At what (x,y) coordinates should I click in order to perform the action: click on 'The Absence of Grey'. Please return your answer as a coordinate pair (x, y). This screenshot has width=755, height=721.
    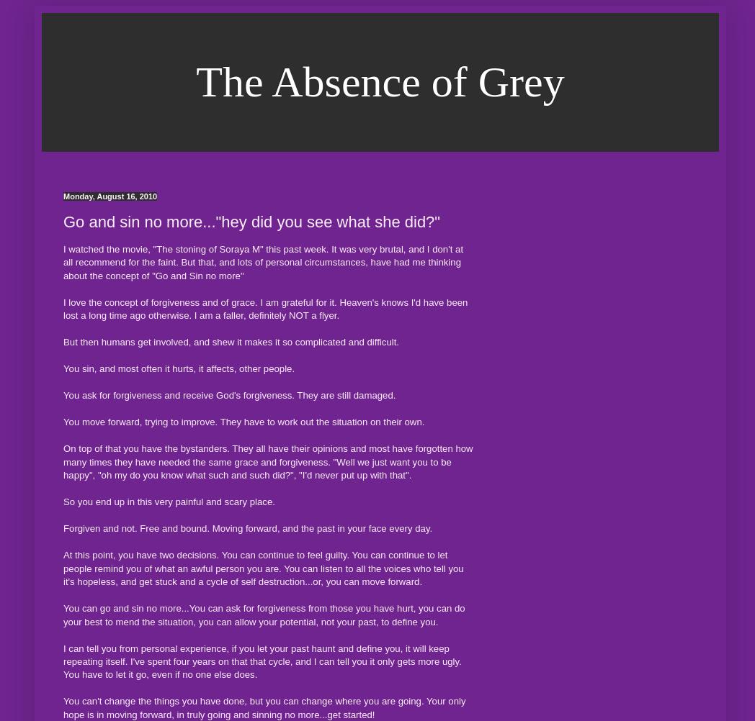
    Looking at the image, I should click on (379, 81).